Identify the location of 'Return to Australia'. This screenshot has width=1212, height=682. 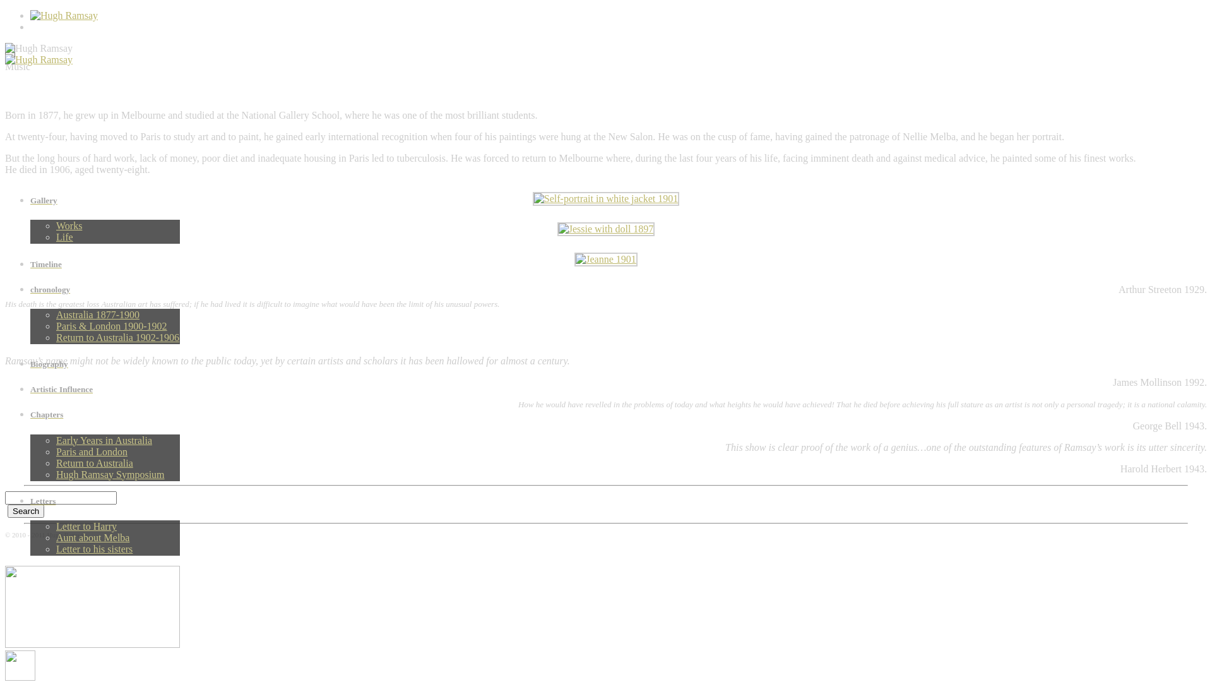
(93, 463).